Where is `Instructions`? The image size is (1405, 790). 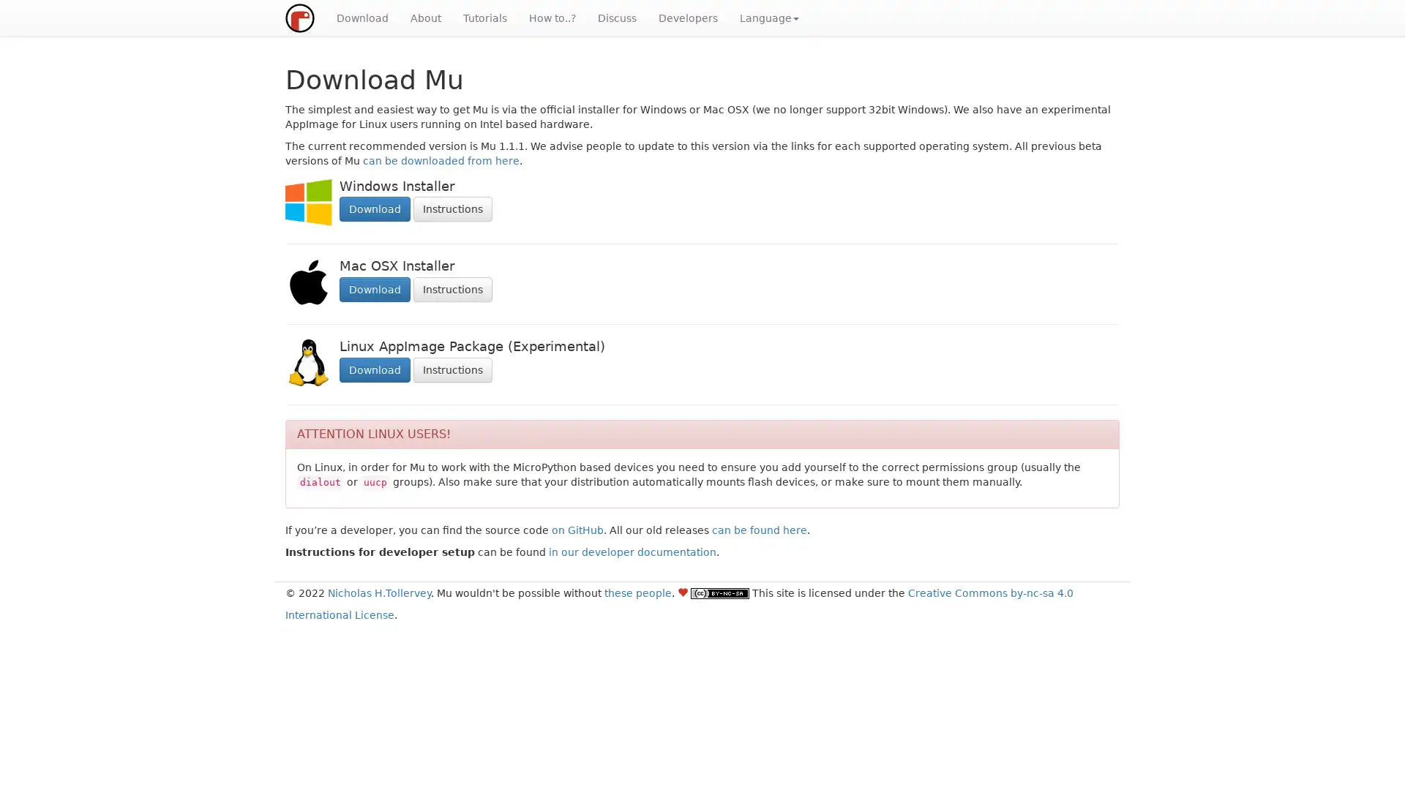
Instructions is located at coordinates (452, 290).